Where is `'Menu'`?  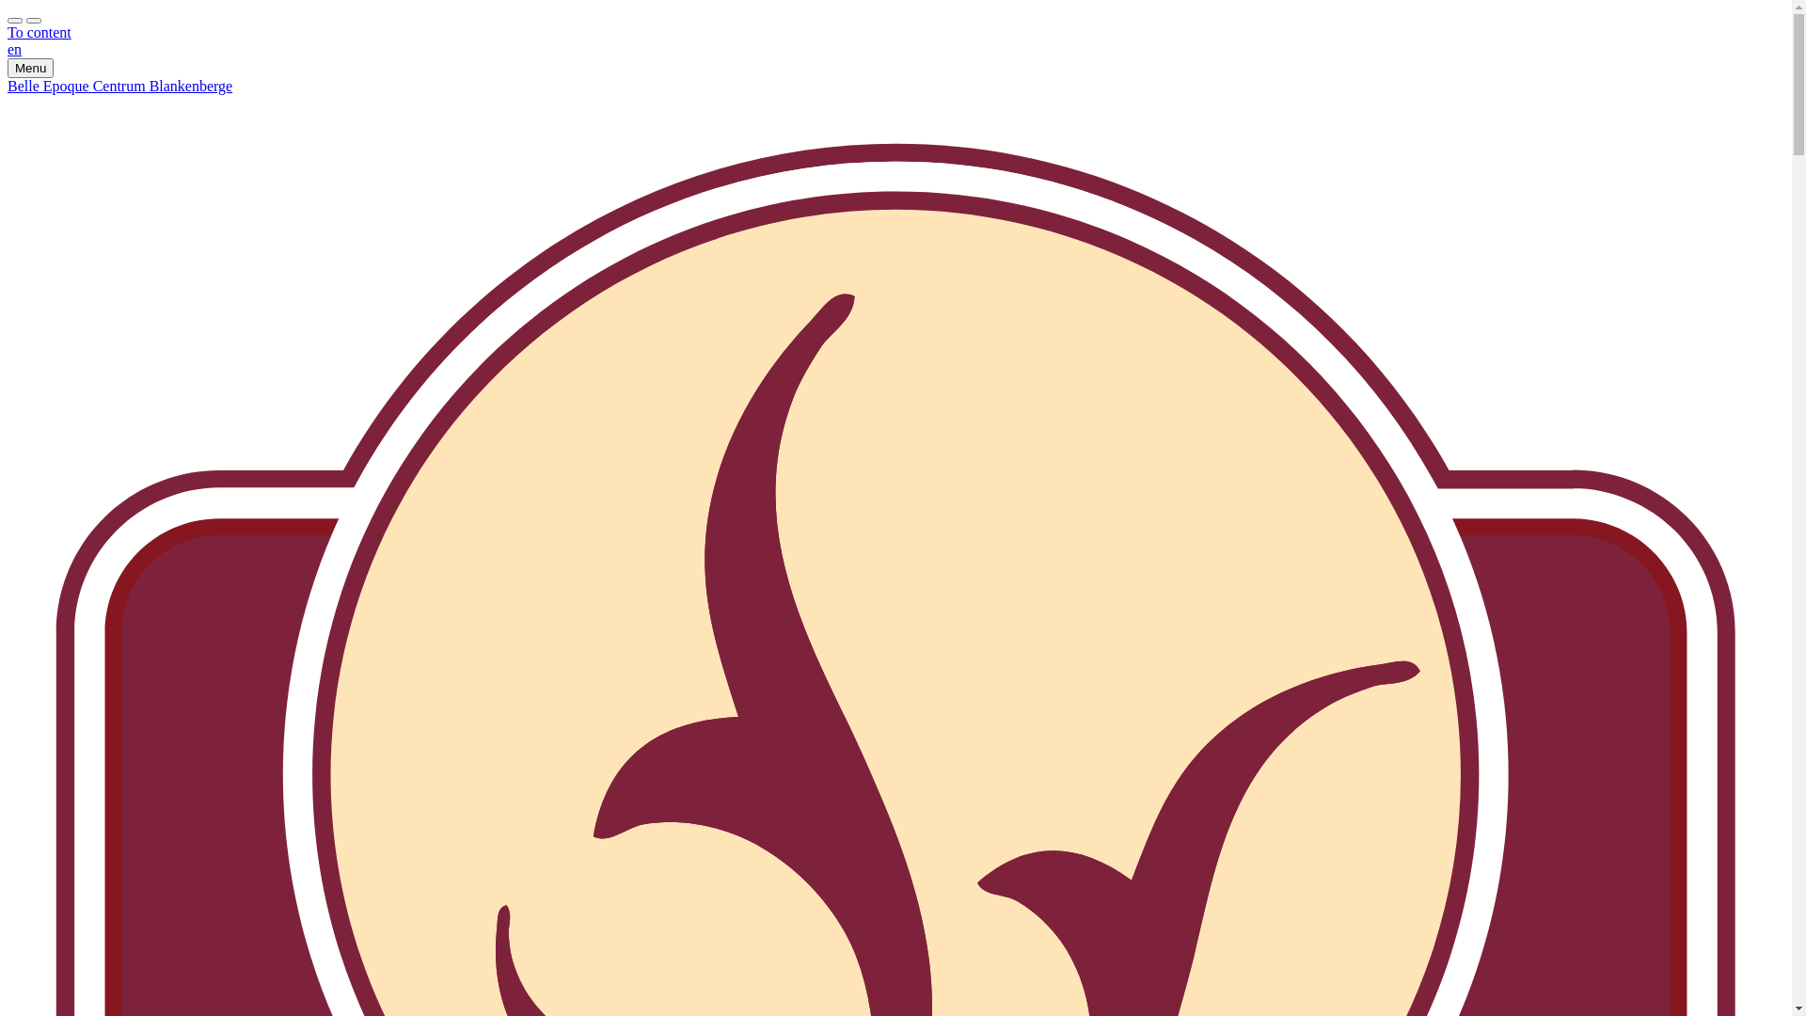 'Menu' is located at coordinates (30, 67).